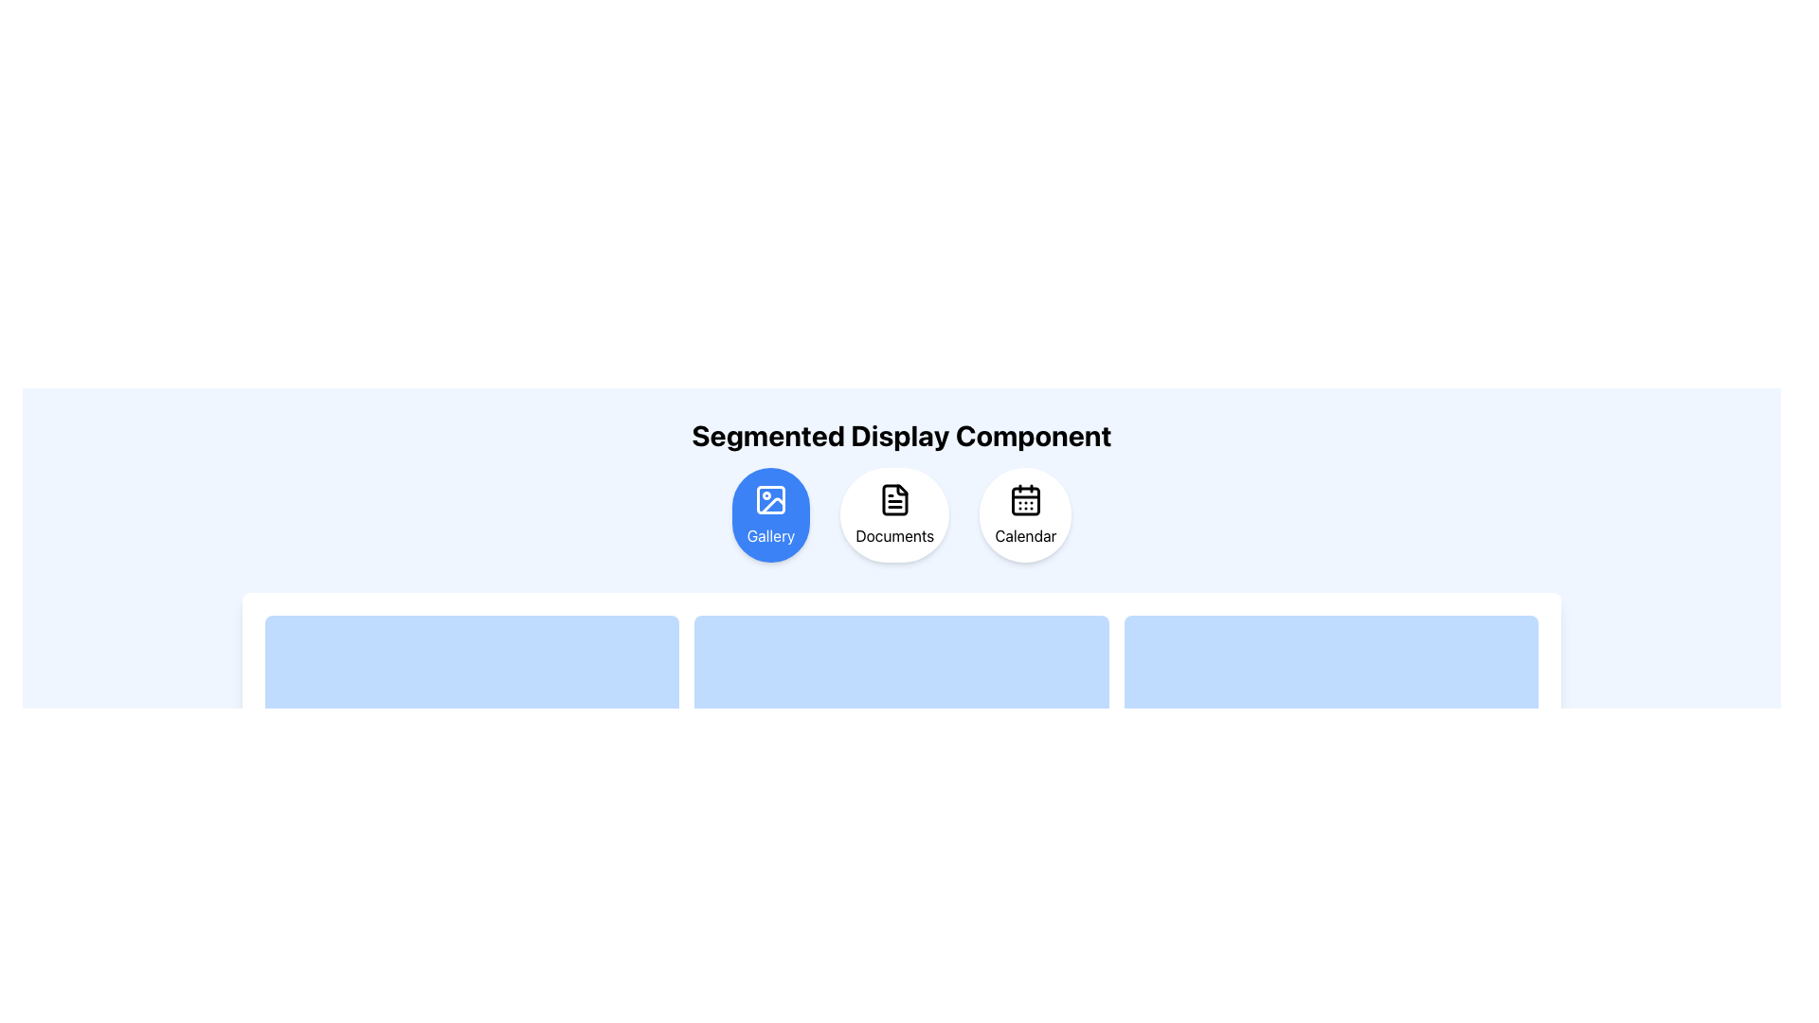  I want to click on the rightmost button in the segmented display, so click(1024, 514).